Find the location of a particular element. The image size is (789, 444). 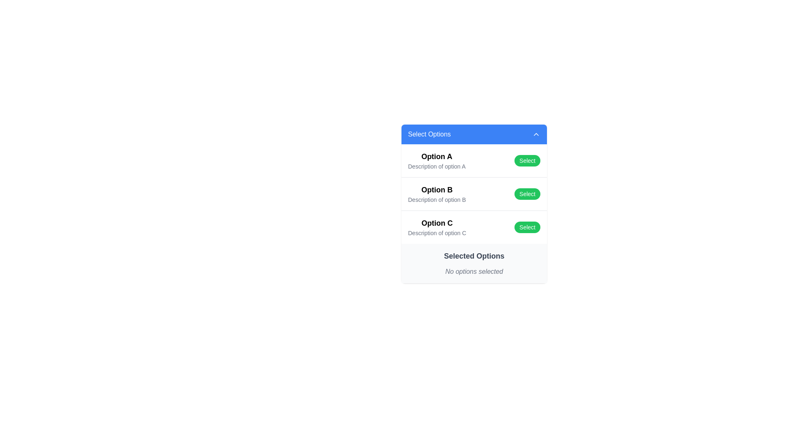

description of the selectable list item labeled 'Option C', which consists of two lines of text: 'Option C' in bold and 'Description of option C' in a lighter font is located at coordinates (436, 227).